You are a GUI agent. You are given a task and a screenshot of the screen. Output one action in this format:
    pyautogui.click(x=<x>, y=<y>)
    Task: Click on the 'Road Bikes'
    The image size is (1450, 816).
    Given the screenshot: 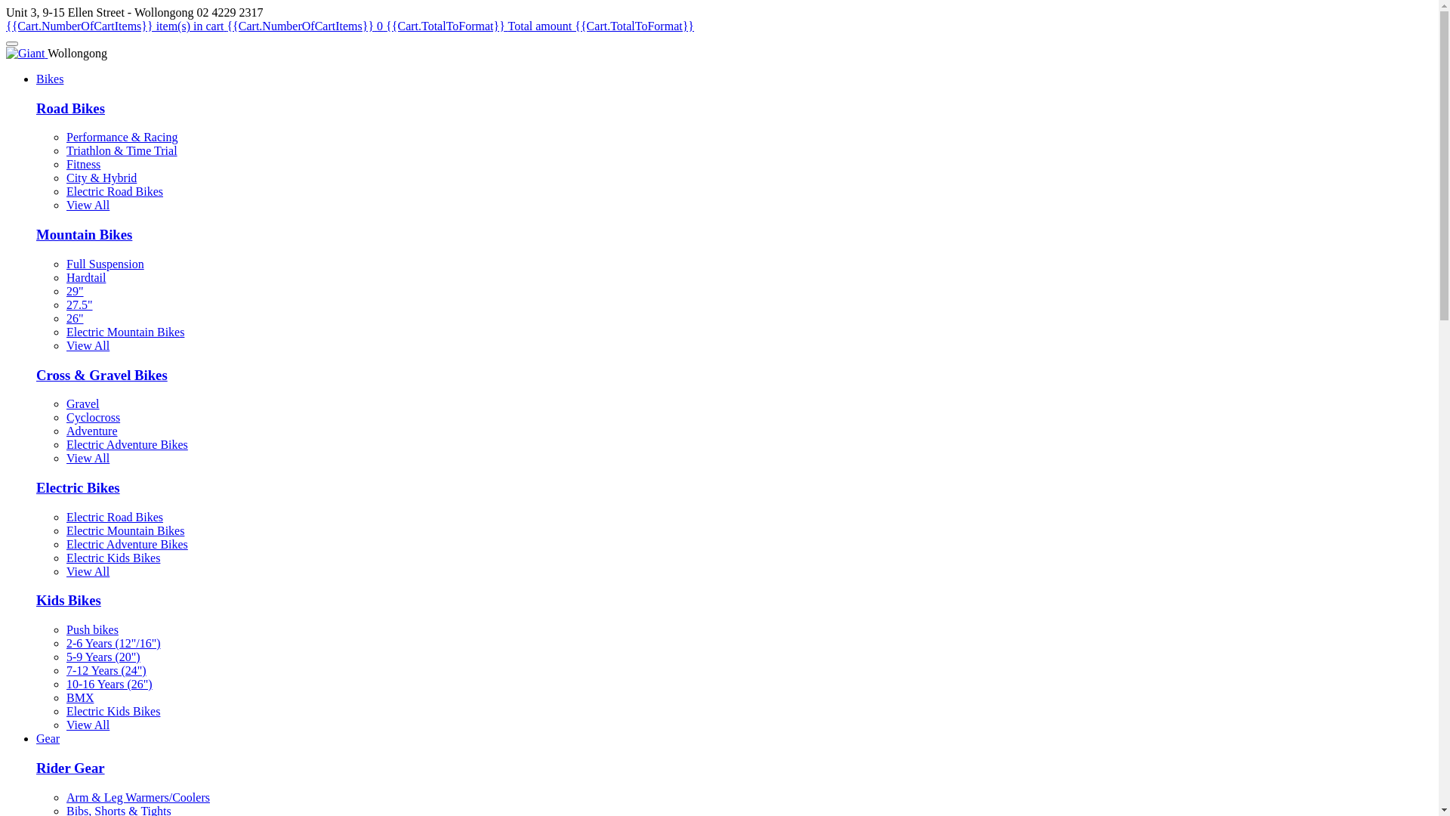 What is the action you would take?
    pyautogui.click(x=69, y=107)
    